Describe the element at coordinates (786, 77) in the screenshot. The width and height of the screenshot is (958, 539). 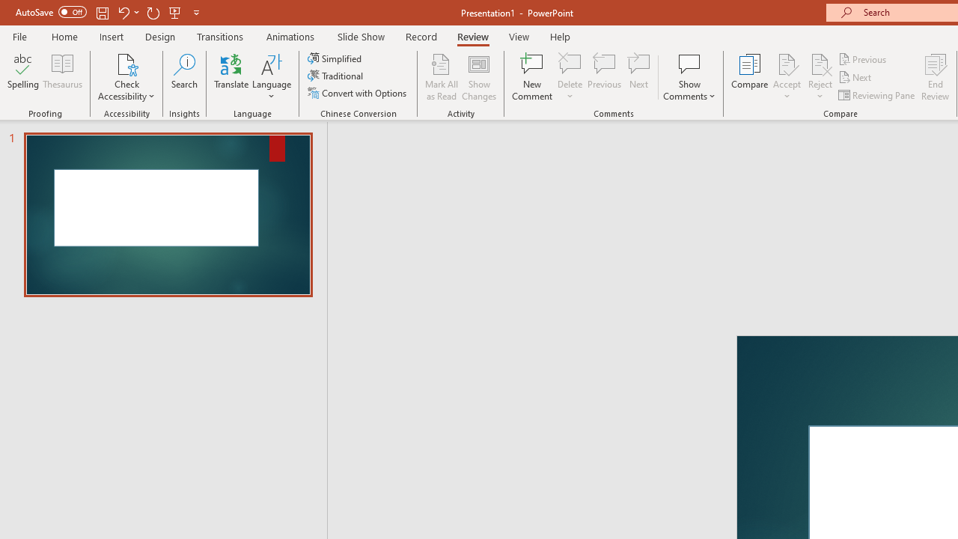
I see `'Accept'` at that location.